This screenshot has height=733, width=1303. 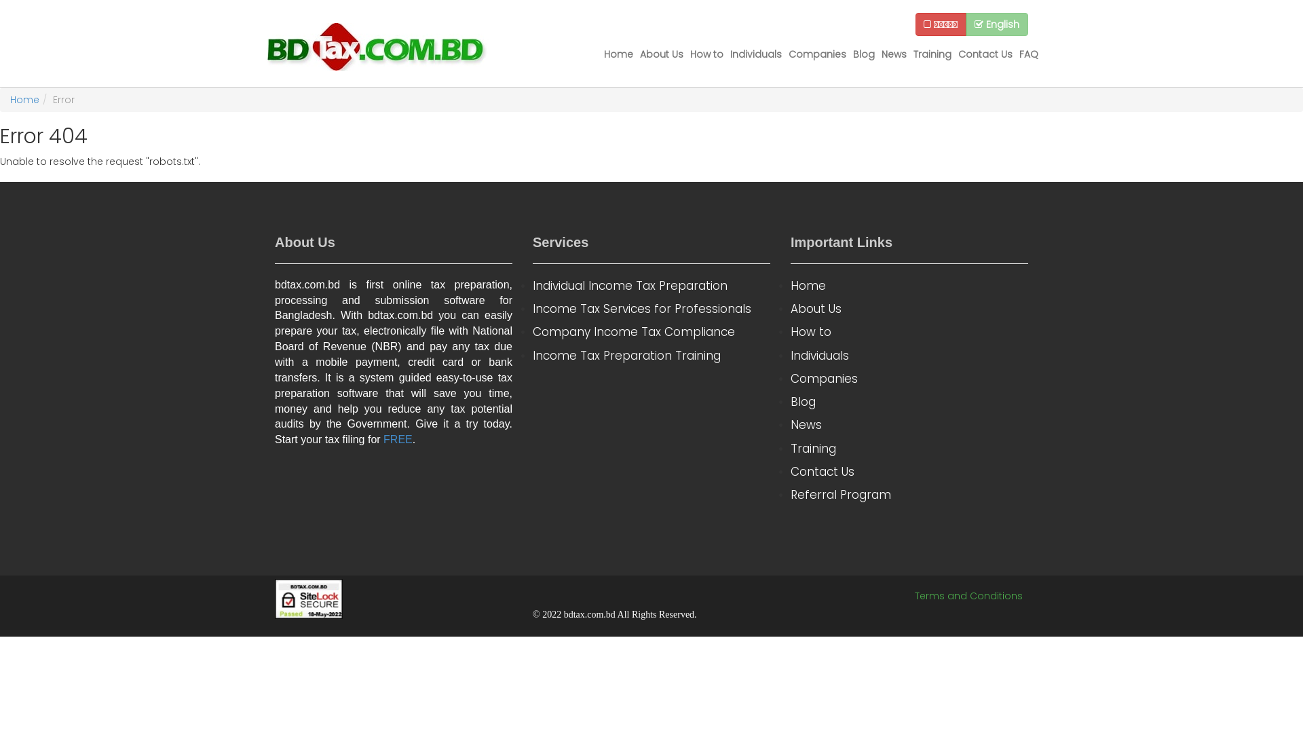 What do you see at coordinates (706, 54) in the screenshot?
I see `'How to'` at bounding box center [706, 54].